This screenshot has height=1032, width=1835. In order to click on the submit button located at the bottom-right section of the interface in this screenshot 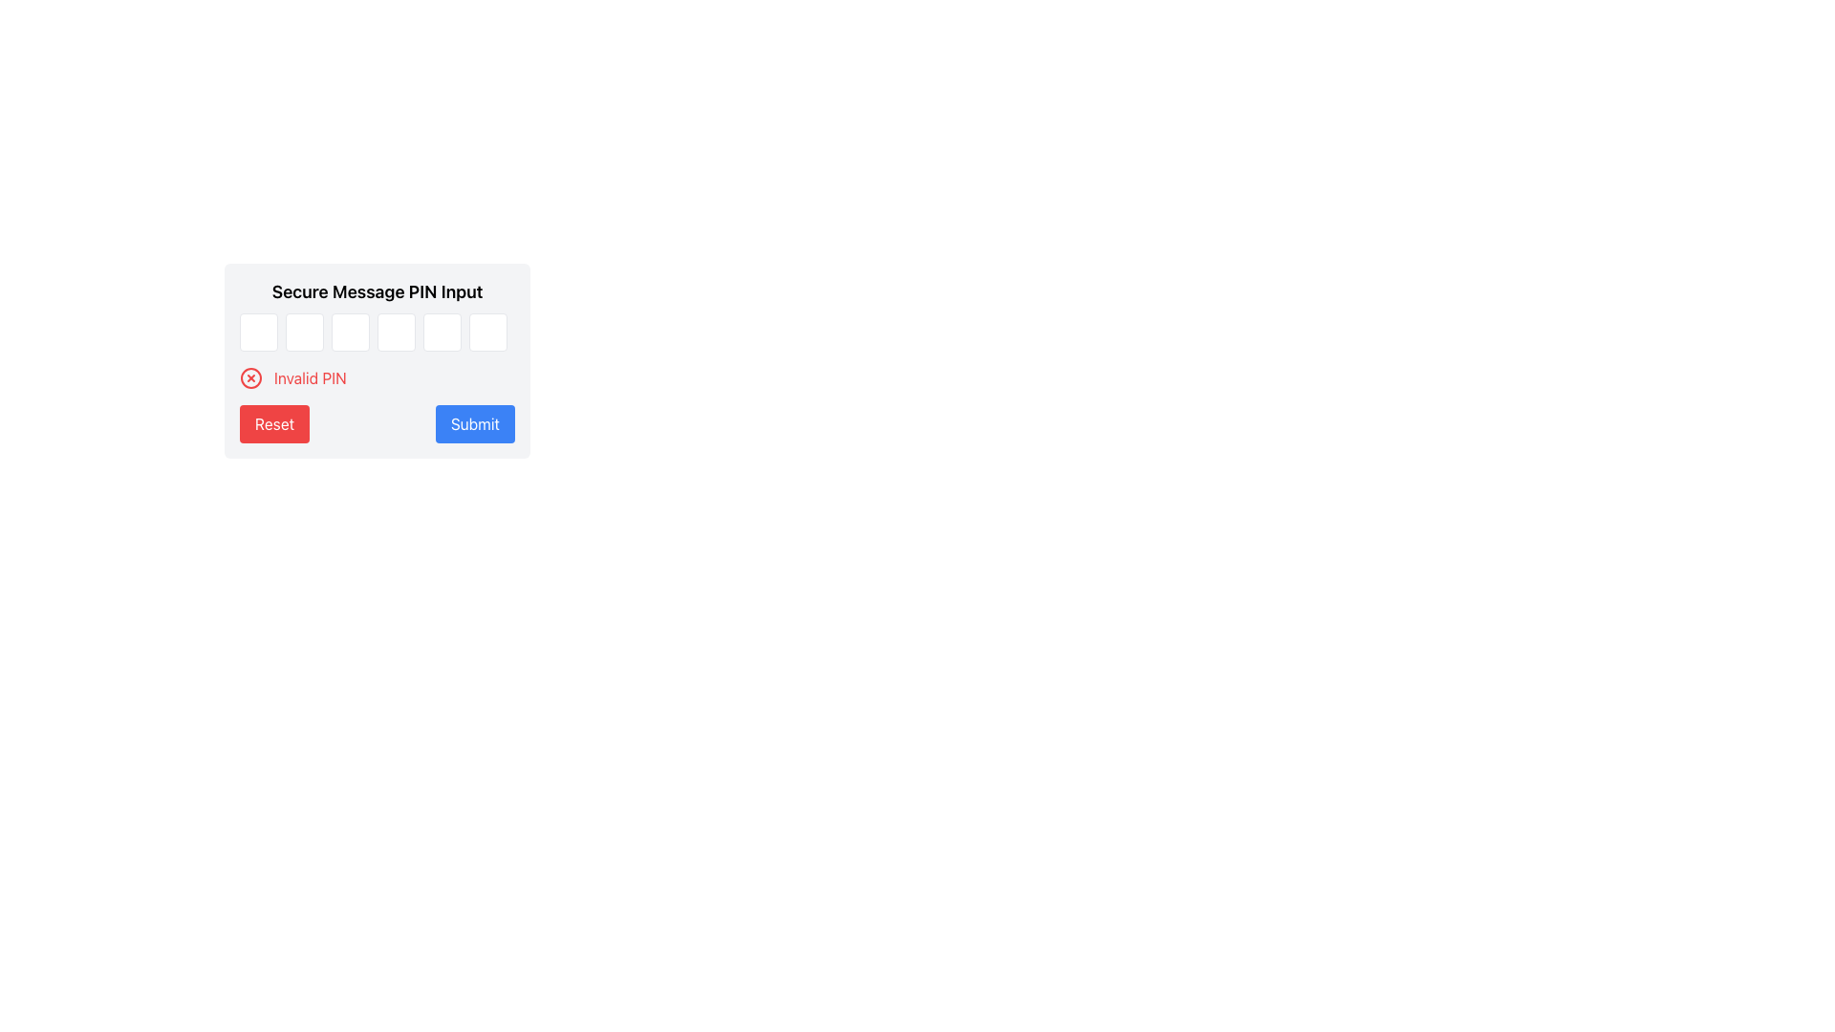, I will do `click(475, 422)`.